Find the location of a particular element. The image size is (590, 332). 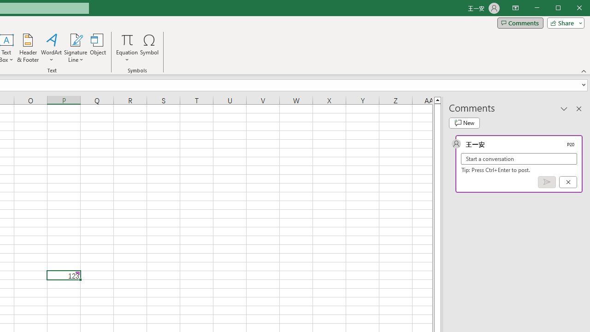

'Header & Footer...' is located at coordinates (28, 48).